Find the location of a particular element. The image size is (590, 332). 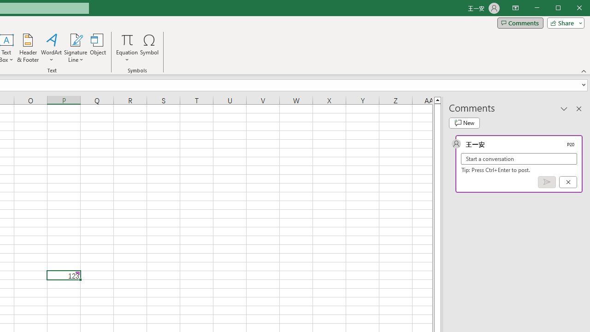

'Header & Footer...' is located at coordinates (28, 48).